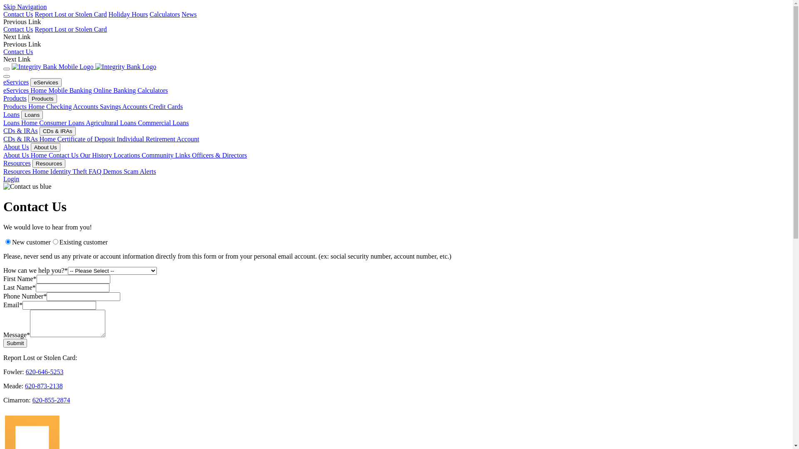  What do you see at coordinates (97, 155) in the screenshot?
I see `'Our History'` at bounding box center [97, 155].